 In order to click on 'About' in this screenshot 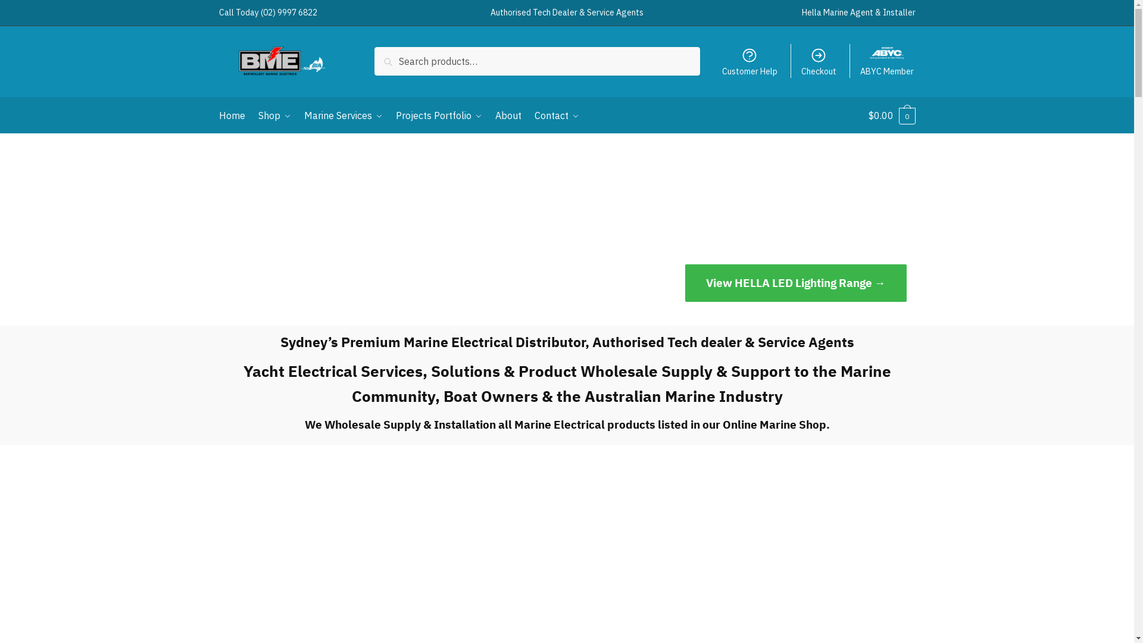, I will do `click(508, 115)`.